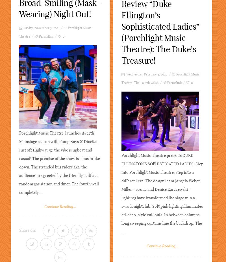 The image size is (226, 262). What do you see at coordinates (41, 28) in the screenshot?
I see `'Friday, November 5, 2021'` at bounding box center [41, 28].